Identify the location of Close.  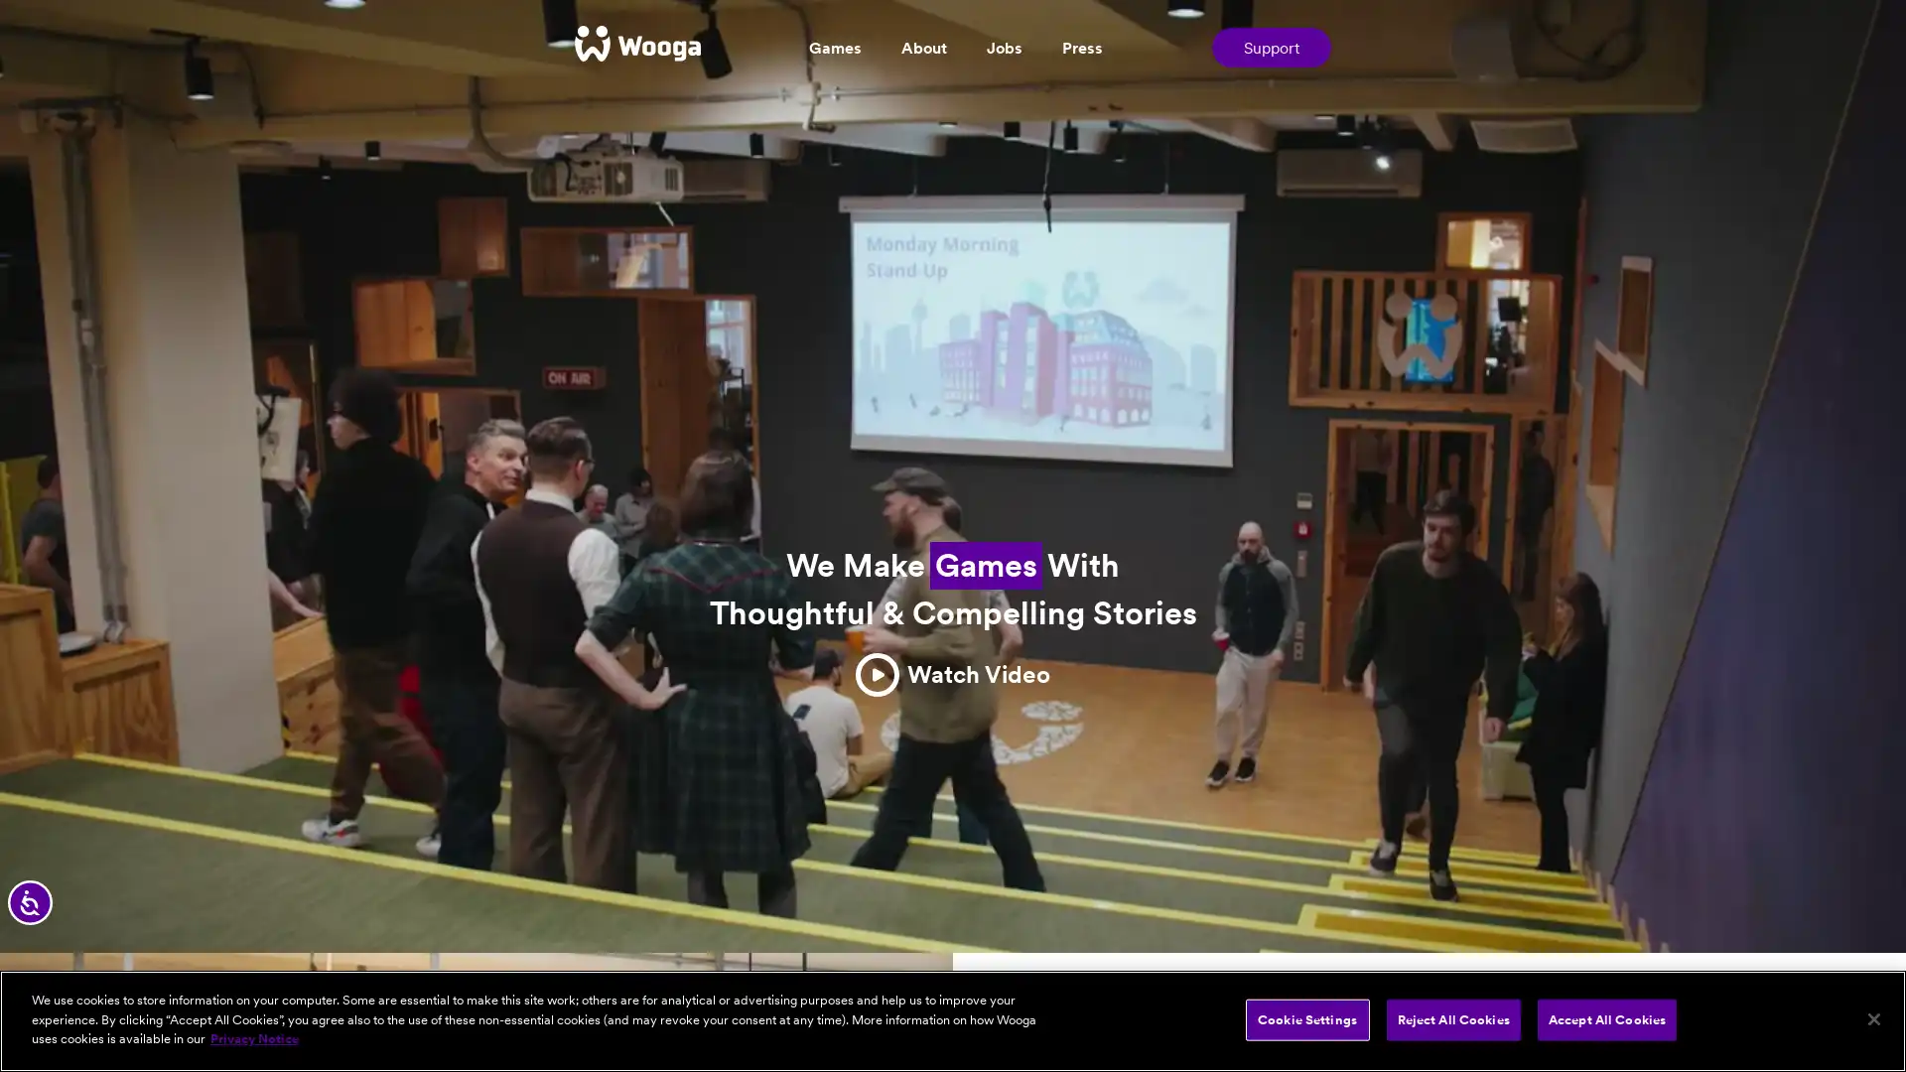
(1872, 1018).